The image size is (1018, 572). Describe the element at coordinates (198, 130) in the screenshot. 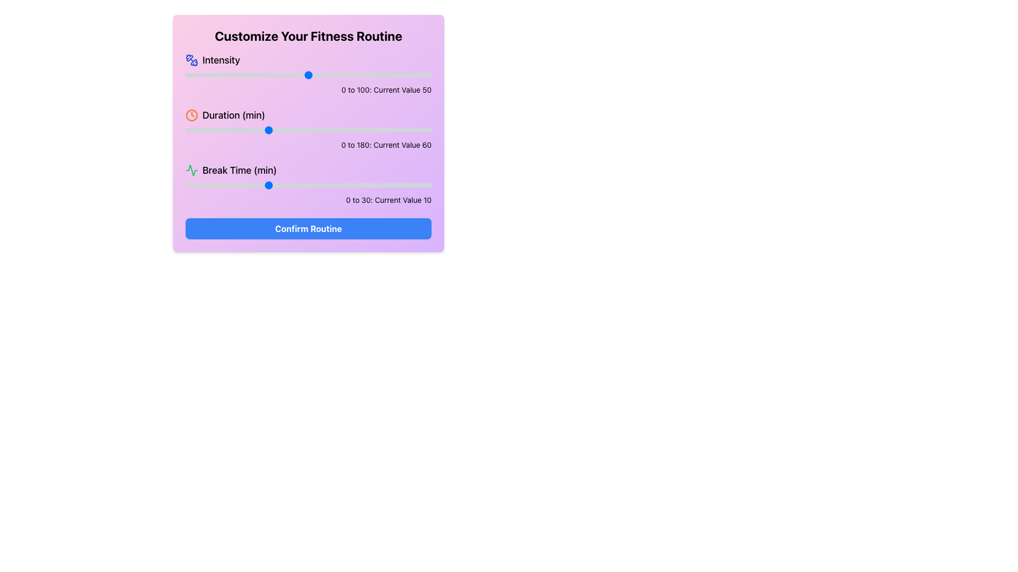

I see `duration` at that location.